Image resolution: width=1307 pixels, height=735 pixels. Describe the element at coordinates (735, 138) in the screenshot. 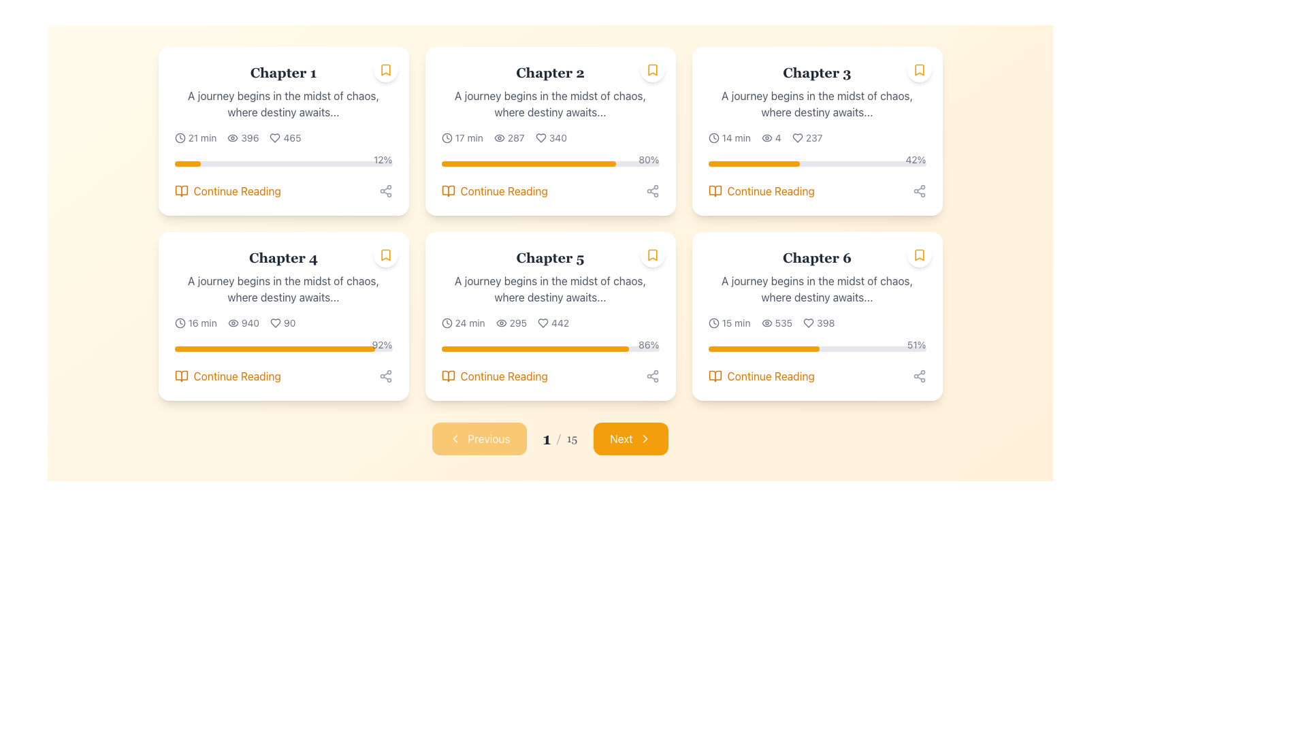

I see `the text display component that informs users of the approximate time required to read the associated chapter, located in the upper-left portion of the 'Chapter 3' card, directly to the right of a clock-shaped icon` at that location.